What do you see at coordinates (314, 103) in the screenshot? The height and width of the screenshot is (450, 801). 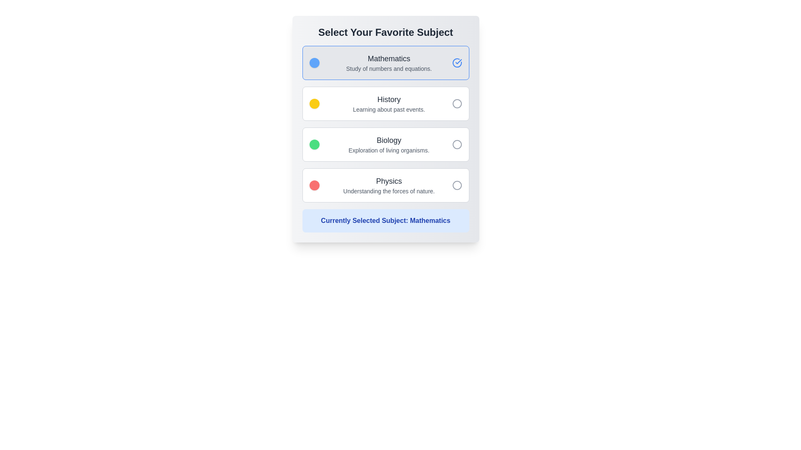 I see `the visual marker or status indicator located in the second row of the selection list labeled 'History', which is positioned towards the left side of the row, preceding the text 'History' and its description 'Learning about past events'` at bounding box center [314, 103].